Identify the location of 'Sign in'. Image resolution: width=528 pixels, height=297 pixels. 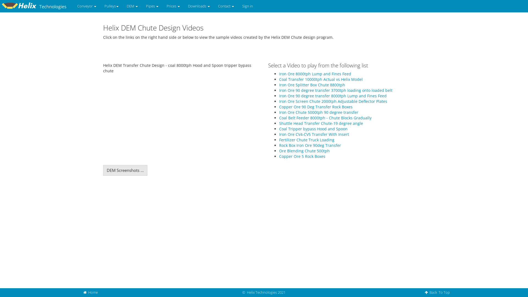
(247, 6).